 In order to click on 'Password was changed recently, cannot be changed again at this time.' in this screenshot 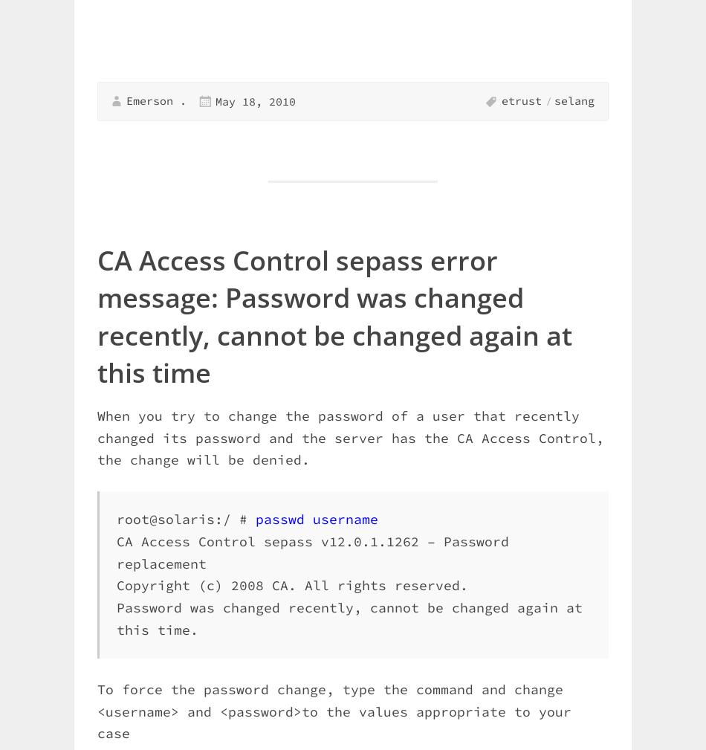, I will do `click(349, 618)`.